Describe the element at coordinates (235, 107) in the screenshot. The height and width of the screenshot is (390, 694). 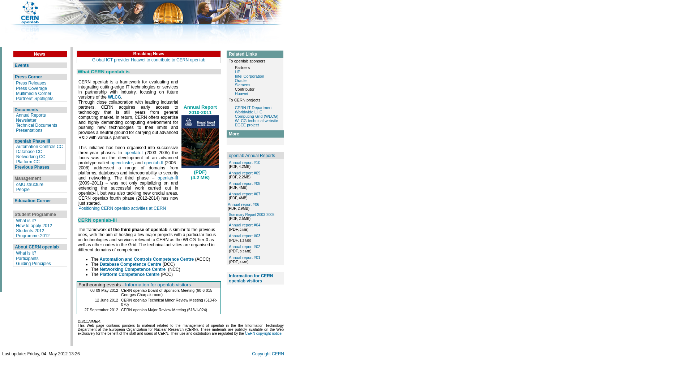
I see `'CERN IT Department'` at that location.